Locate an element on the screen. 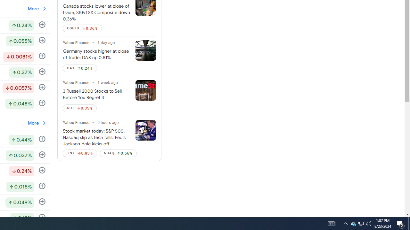 This screenshot has height=230, width=410. '.INX Down by 0.89%' is located at coordinates (80, 153).